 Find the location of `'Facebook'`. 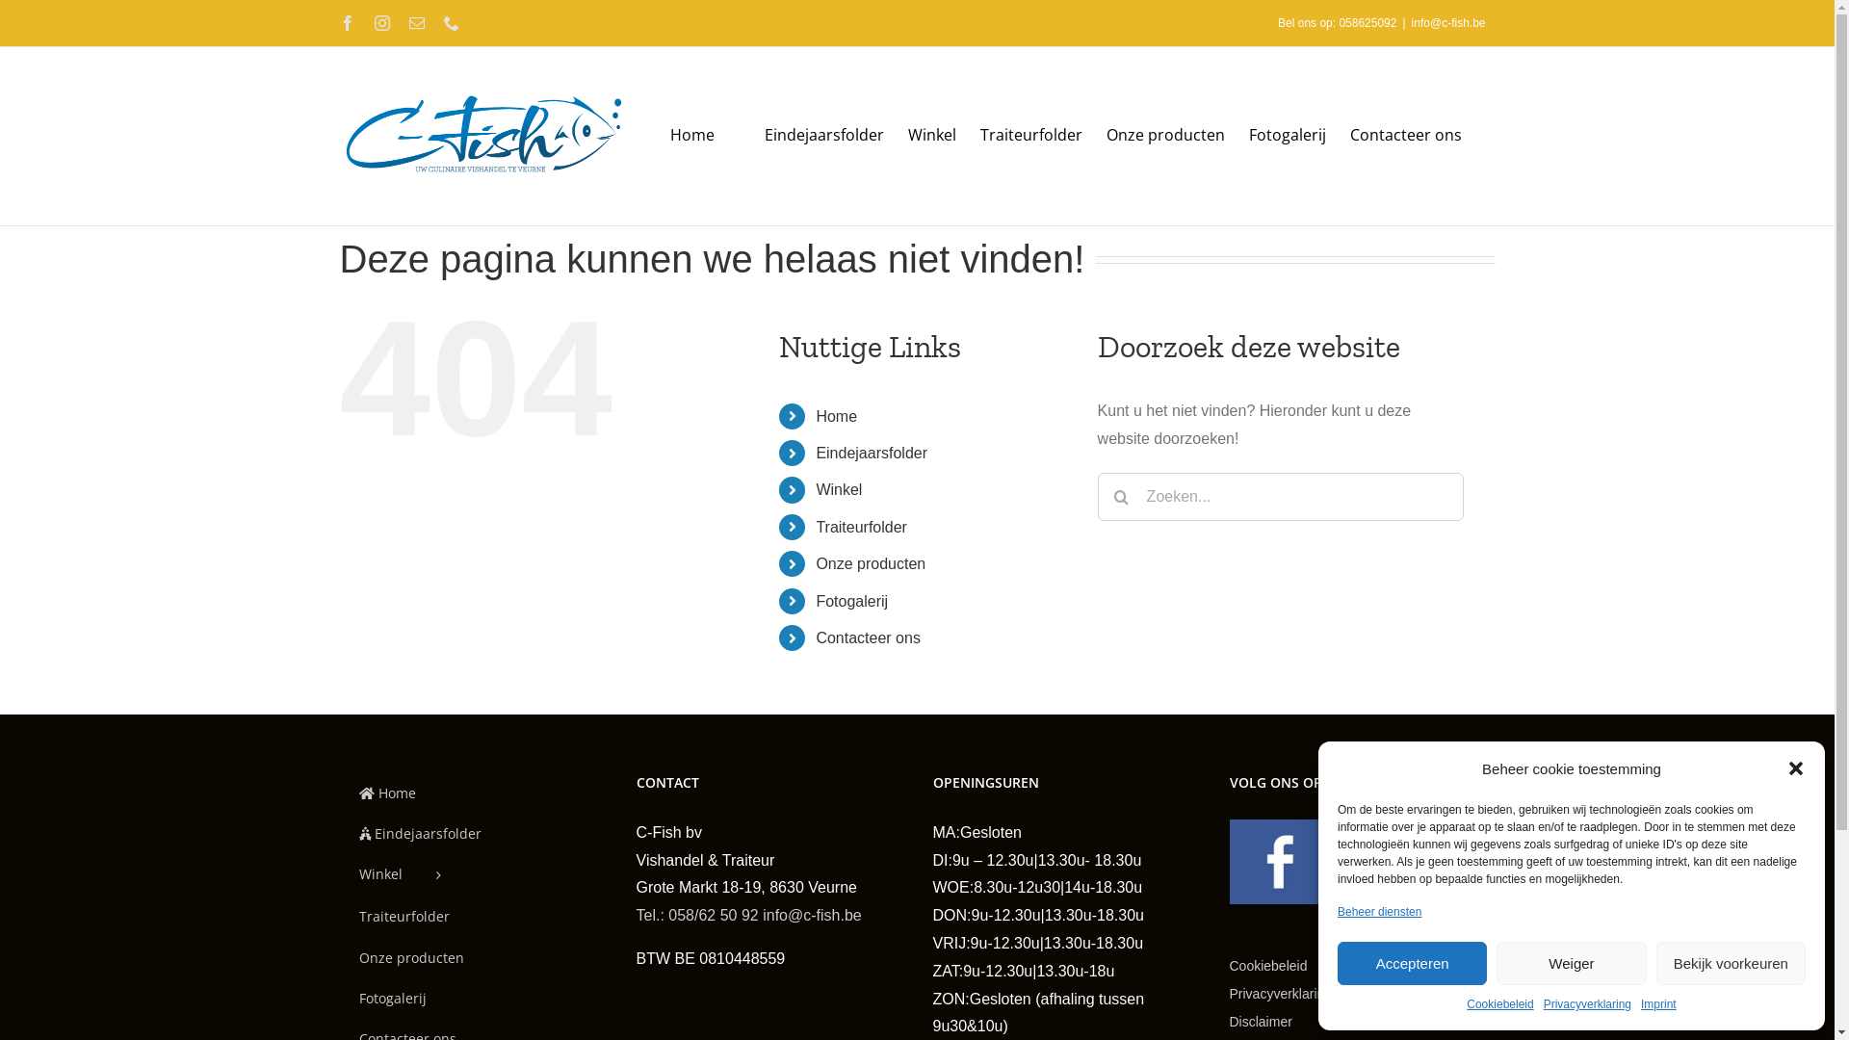

'Facebook' is located at coordinates (338, 22).